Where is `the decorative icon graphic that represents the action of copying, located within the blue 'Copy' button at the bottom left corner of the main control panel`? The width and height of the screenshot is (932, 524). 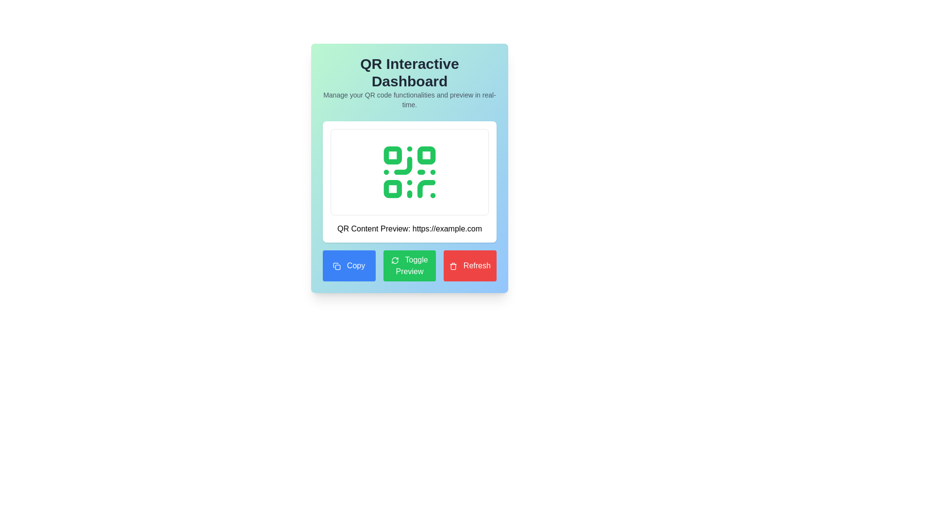 the decorative icon graphic that represents the action of copying, located within the blue 'Copy' button at the bottom left corner of the main control panel is located at coordinates (337, 266).